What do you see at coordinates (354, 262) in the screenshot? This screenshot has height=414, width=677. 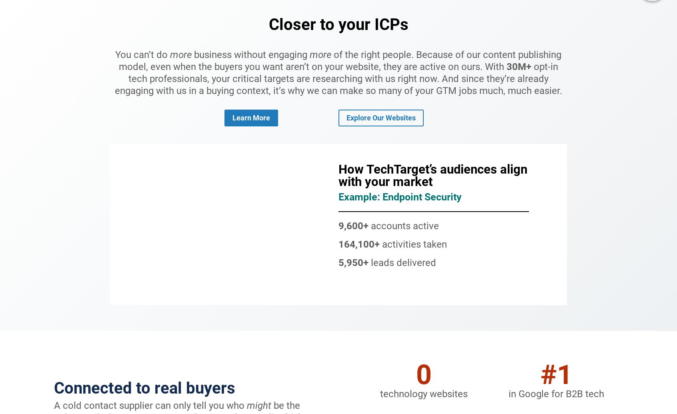 I see `'5,950+'` at bounding box center [354, 262].